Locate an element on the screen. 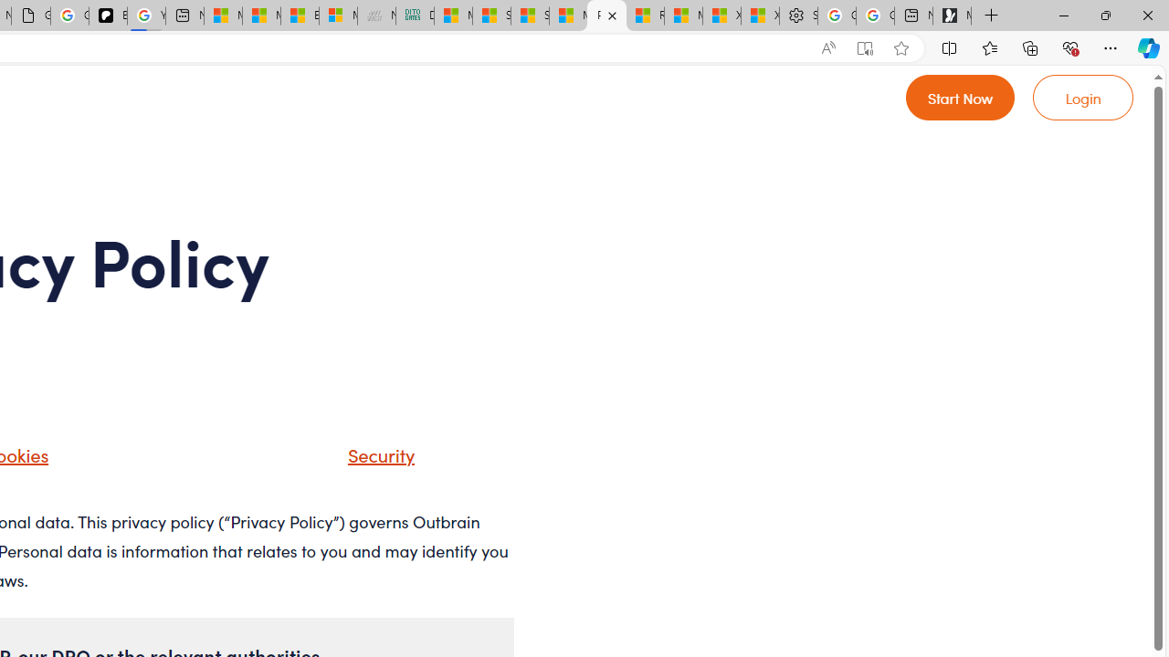 The height and width of the screenshot is (657, 1169). 'Security' is located at coordinates (358, 460).